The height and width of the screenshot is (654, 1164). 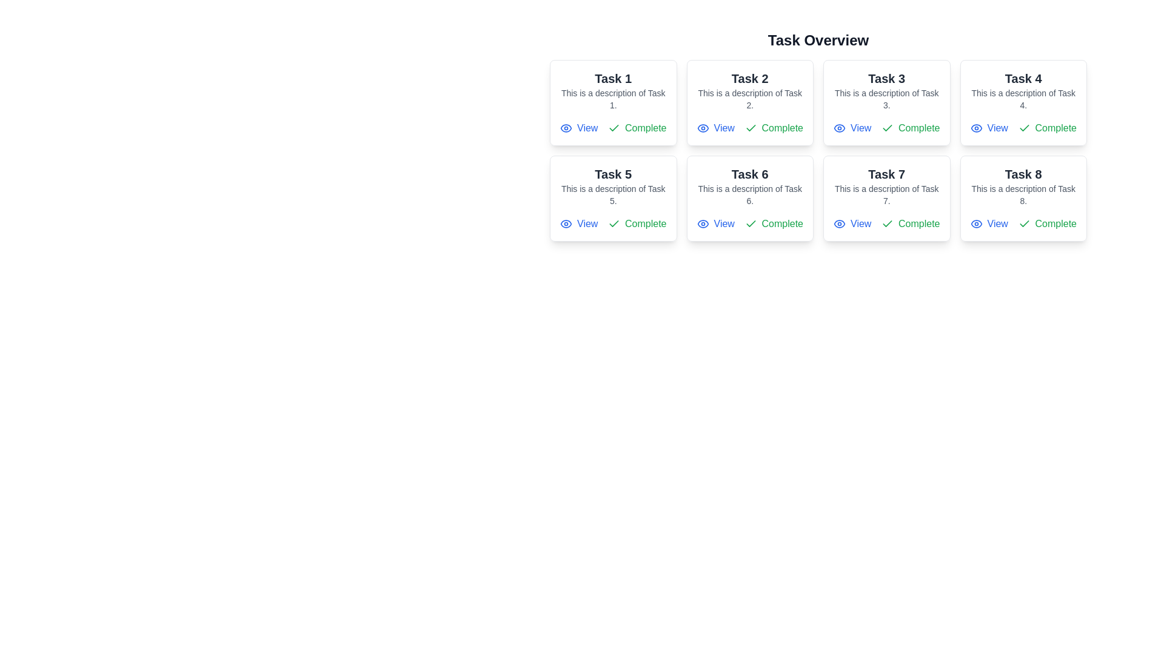 I want to click on the green checkmark icon within the 'Complete' button in the third task card of the top row, so click(x=888, y=128).